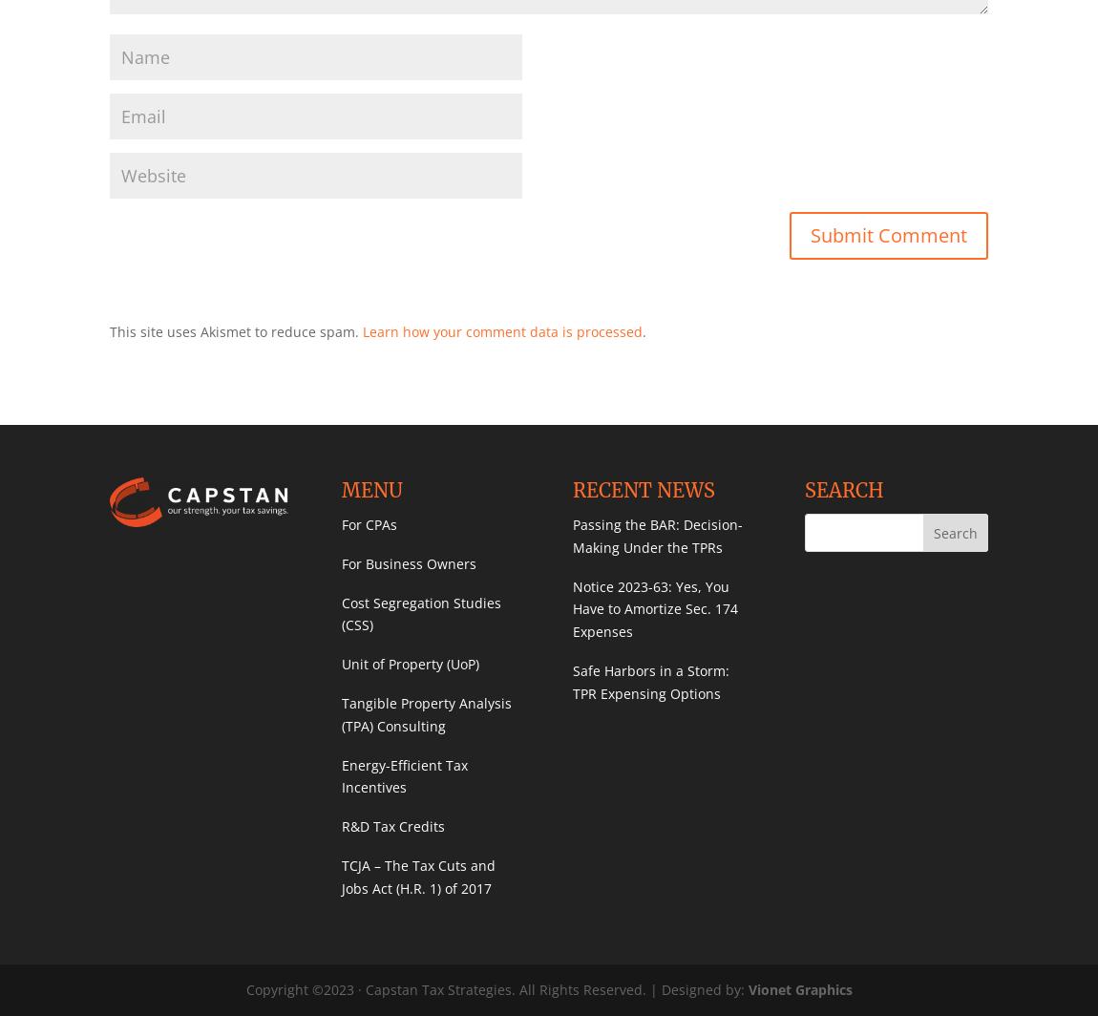  Describe the element at coordinates (502, 330) in the screenshot. I see `'Learn how your comment data is processed'` at that location.